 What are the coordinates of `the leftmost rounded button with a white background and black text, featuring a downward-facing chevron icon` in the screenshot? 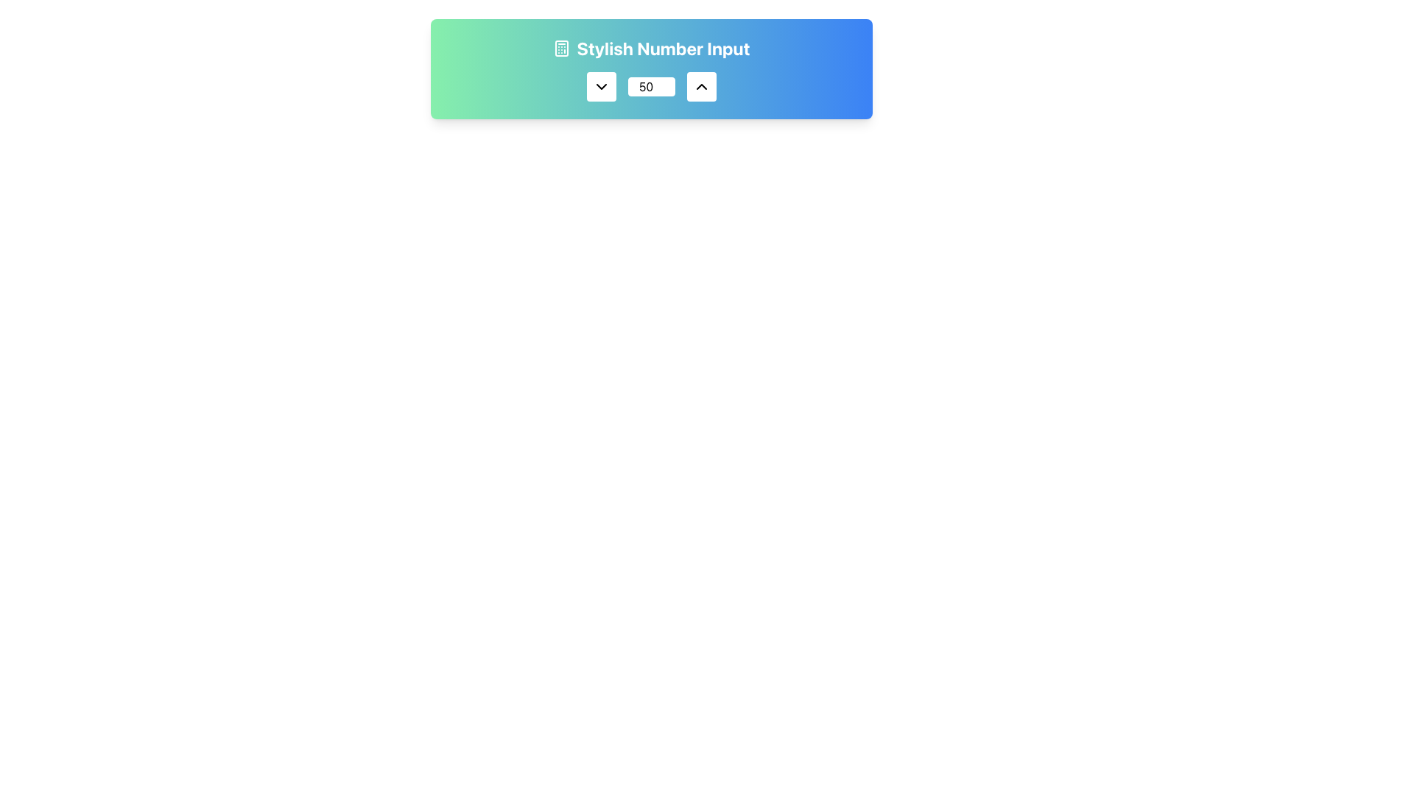 It's located at (601, 87).